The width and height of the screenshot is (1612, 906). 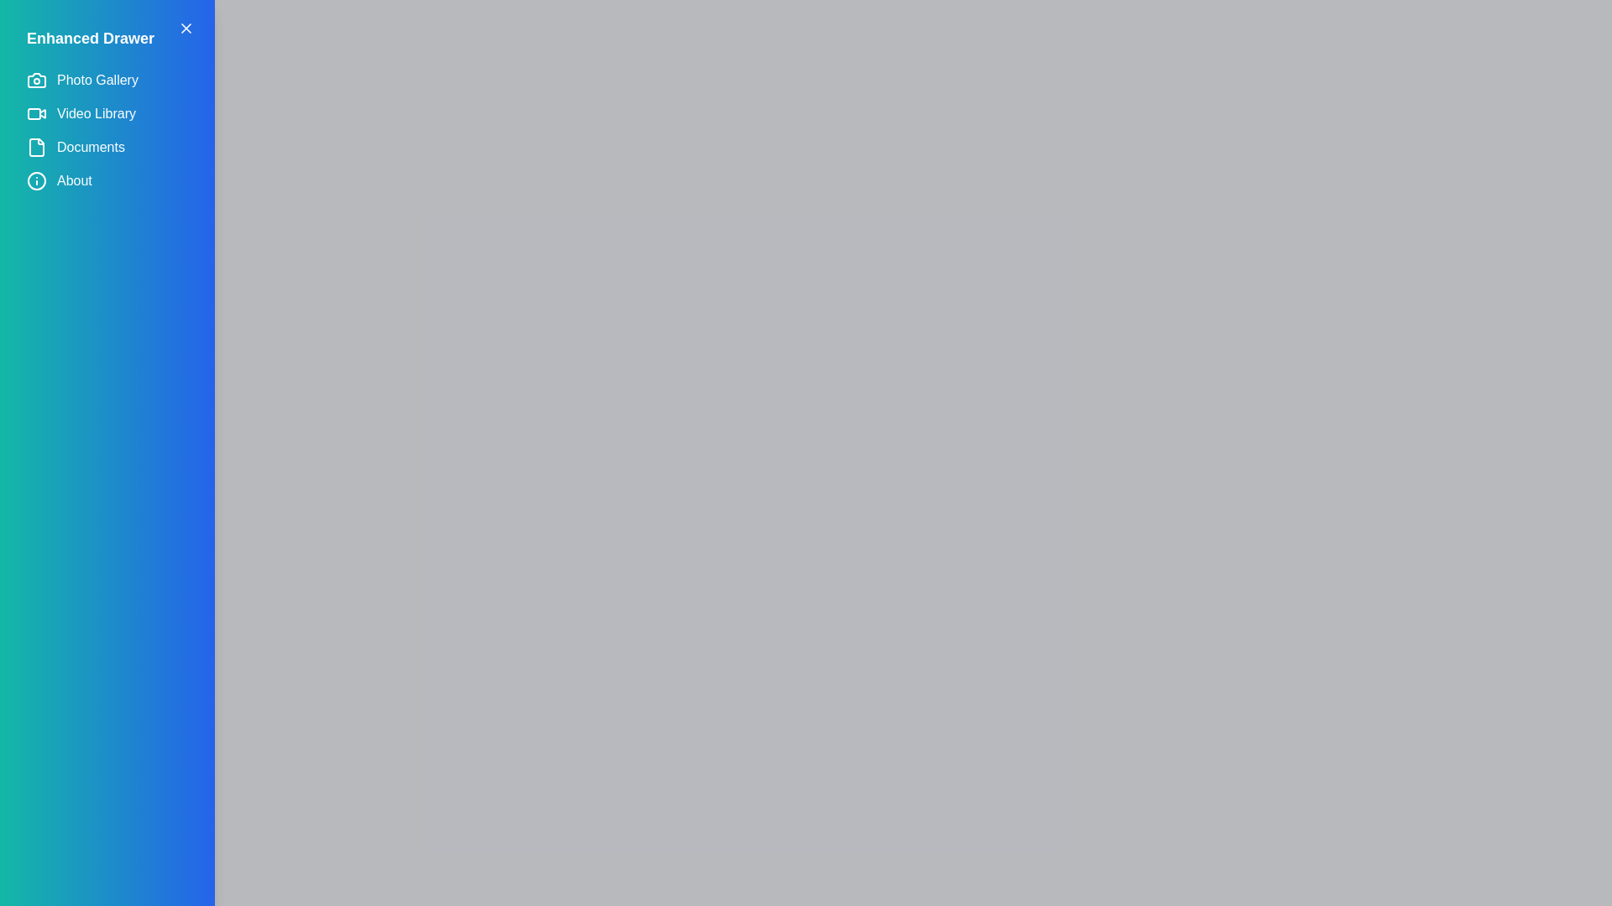 What do you see at coordinates (107, 113) in the screenshot?
I see `the 'Video Library' menu item, which is the second entry in the vertical navigation drawer` at bounding box center [107, 113].